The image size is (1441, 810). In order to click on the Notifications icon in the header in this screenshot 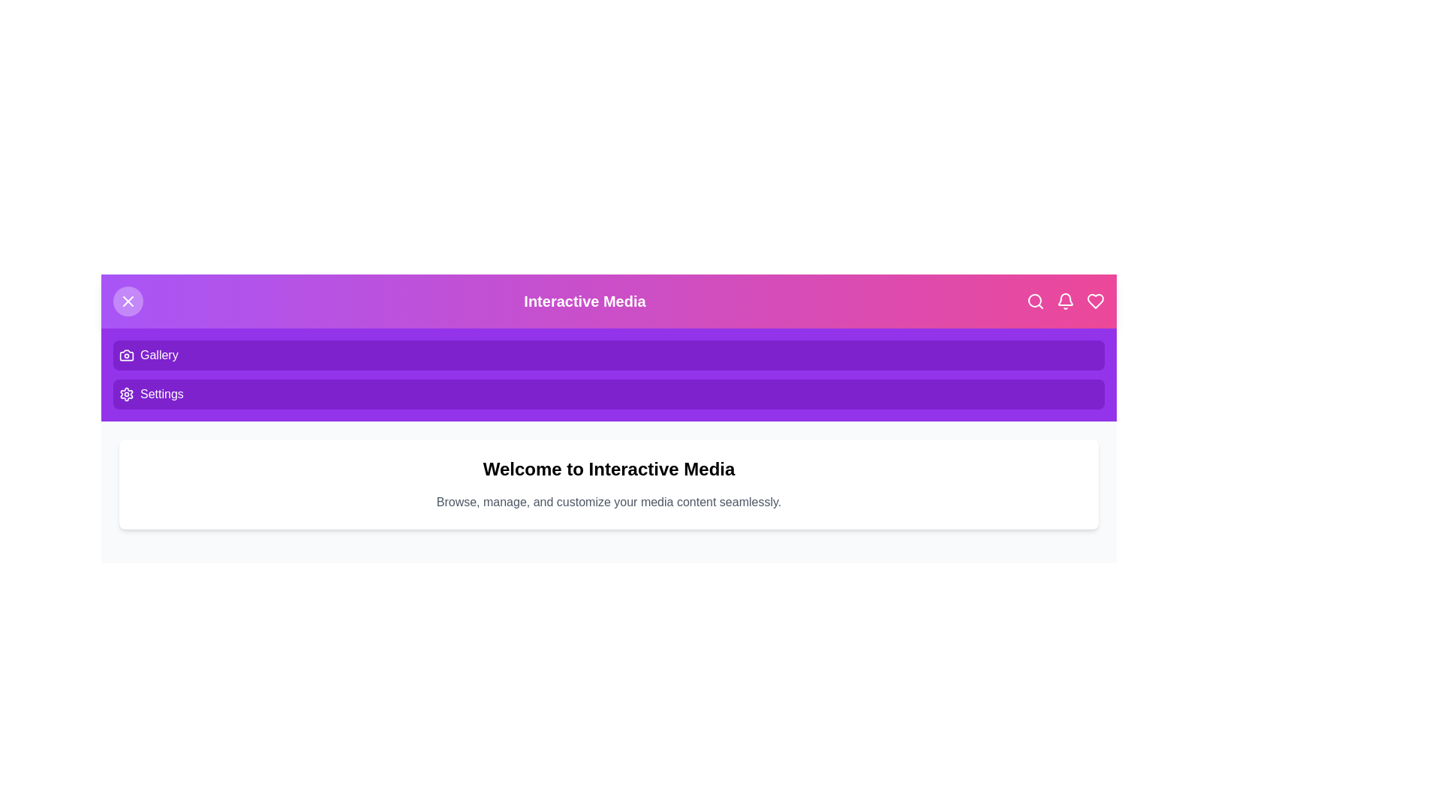, I will do `click(1065, 301)`.